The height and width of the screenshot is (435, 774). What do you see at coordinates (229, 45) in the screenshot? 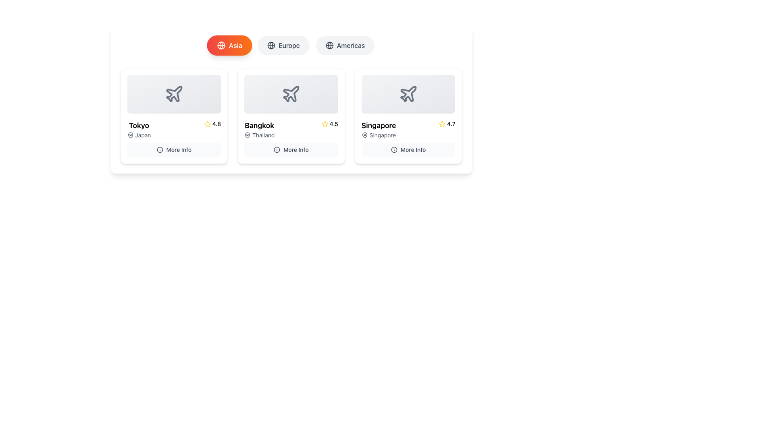
I see `the 'Asia' button, which is the first in a row of three buttons at the top of the section` at bounding box center [229, 45].